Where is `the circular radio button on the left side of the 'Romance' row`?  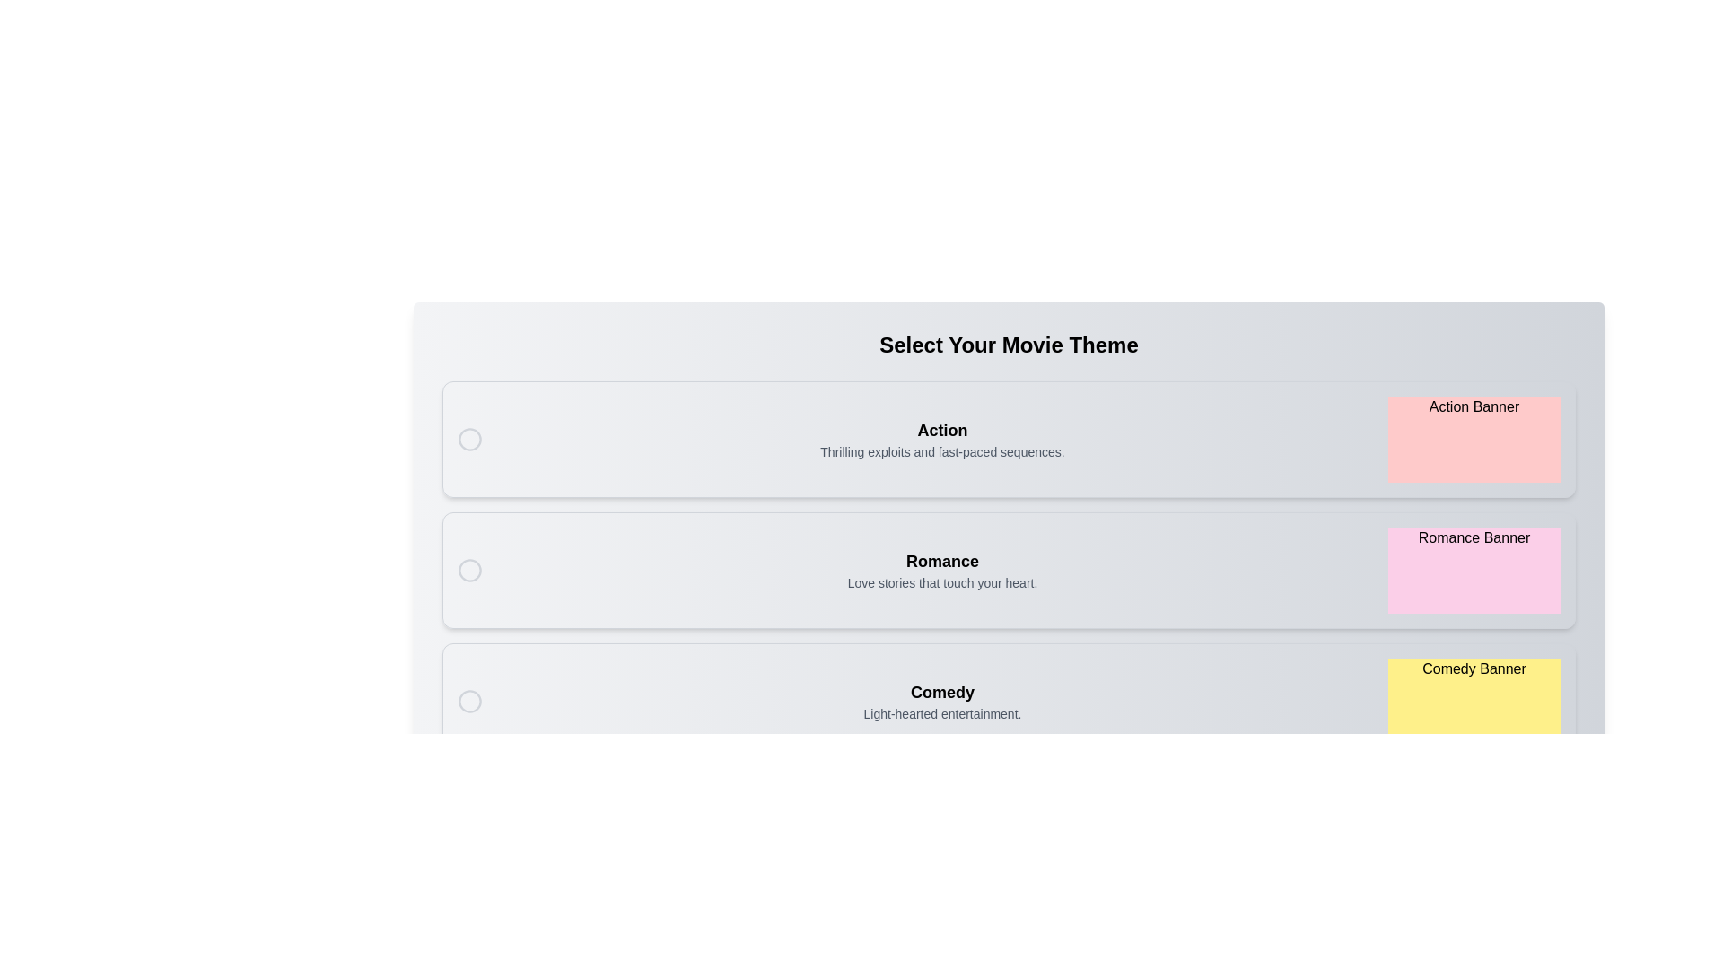
the circular radio button on the left side of the 'Romance' row is located at coordinates (469, 571).